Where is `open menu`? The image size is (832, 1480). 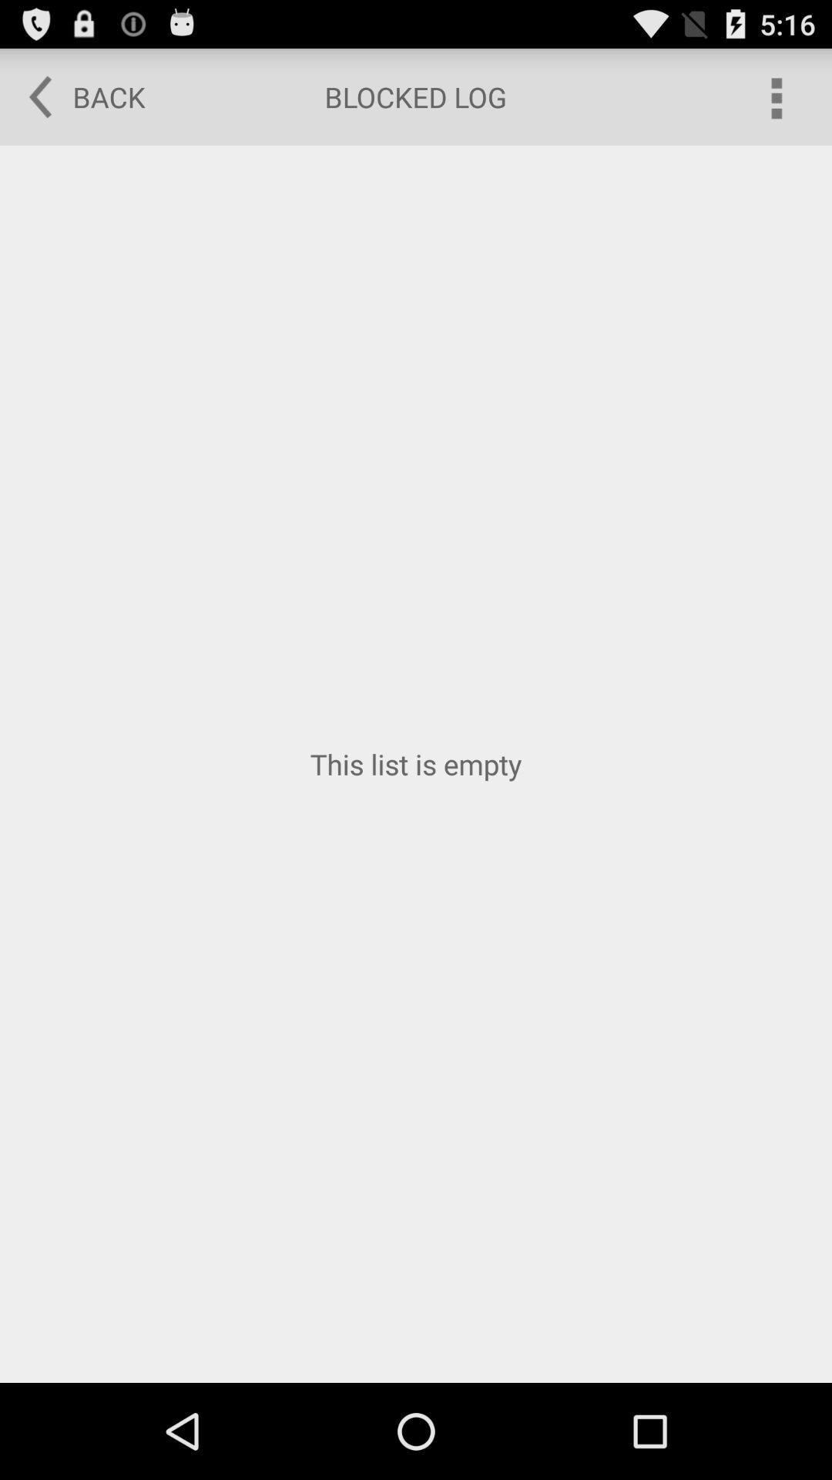
open menu is located at coordinates (775, 96).